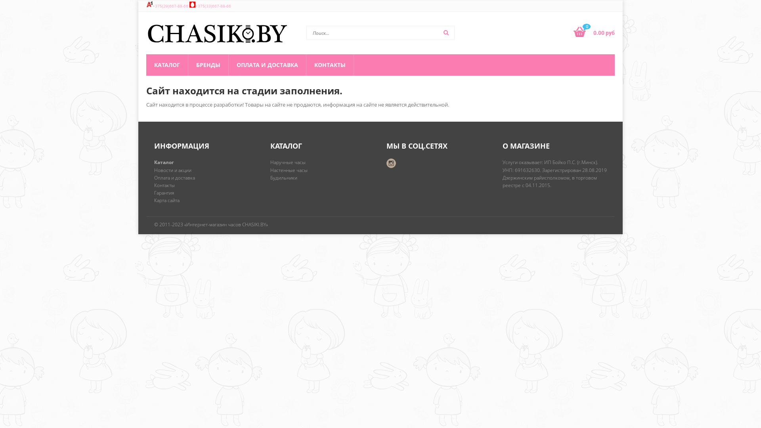 The image size is (761, 428). What do you see at coordinates (170, 6) in the screenshot?
I see `'+375(29)667-88-66'` at bounding box center [170, 6].